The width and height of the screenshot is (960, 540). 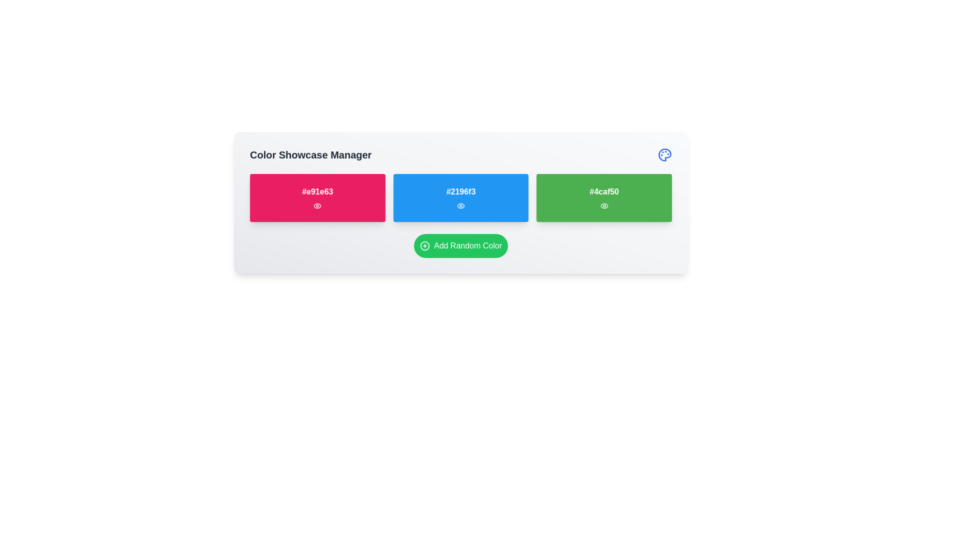 What do you see at coordinates (424, 246) in the screenshot?
I see `the Circular Icon that represents the action of adding a new random color, located at the bottom center of the interface` at bounding box center [424, 246].